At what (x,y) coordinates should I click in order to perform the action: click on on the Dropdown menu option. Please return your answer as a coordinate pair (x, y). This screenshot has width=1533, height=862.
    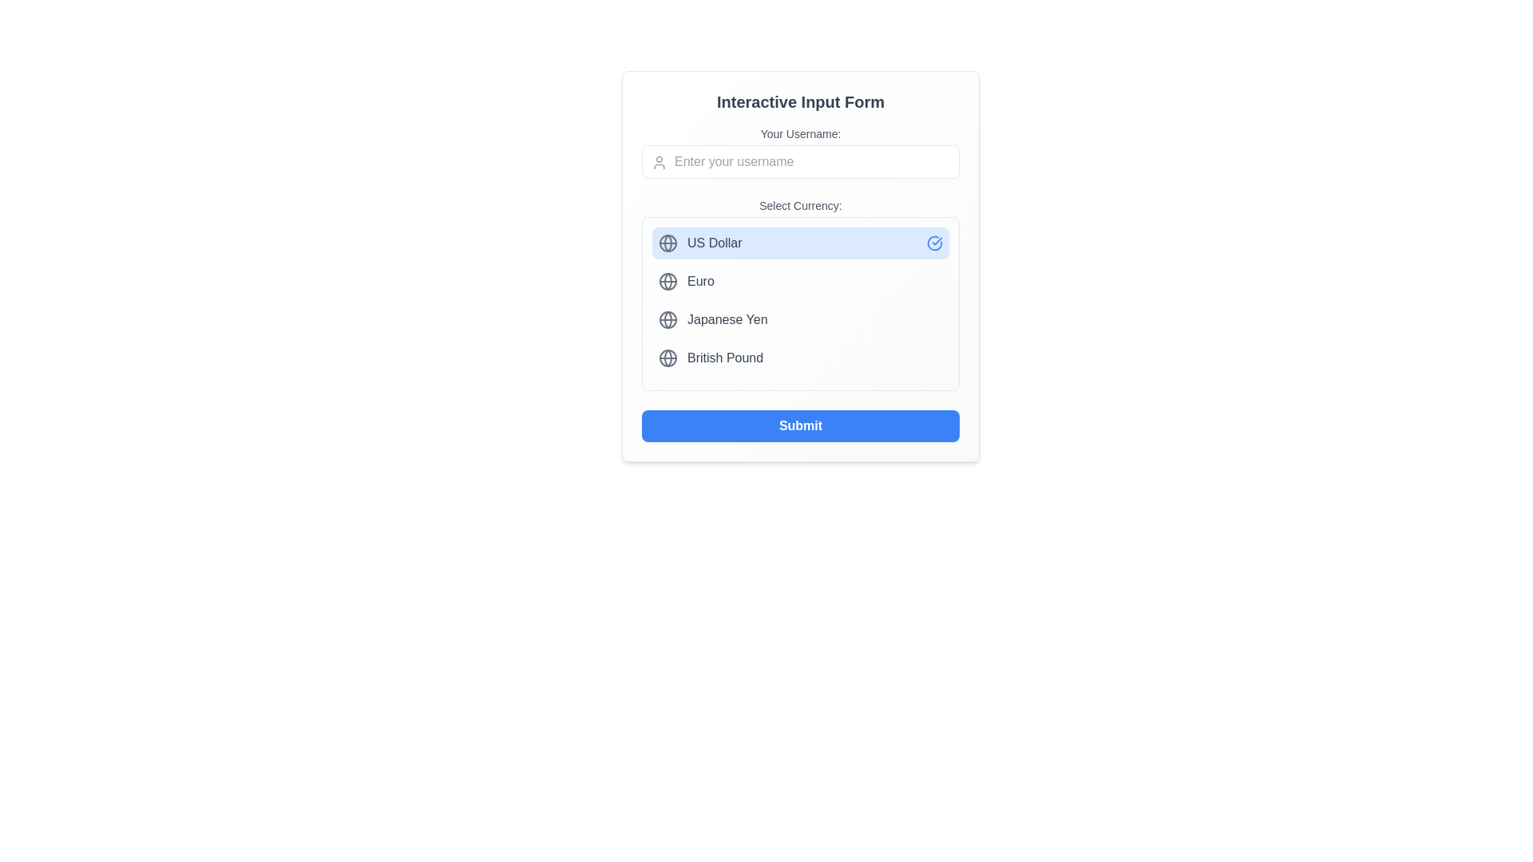
    Looking at the image, I should click on (801, 295).